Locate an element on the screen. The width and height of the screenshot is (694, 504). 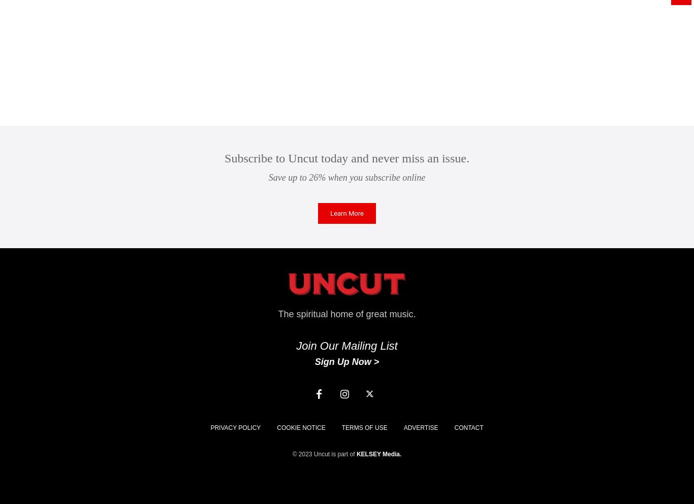
'Terms of Use' is located at coordinates (364, 427).